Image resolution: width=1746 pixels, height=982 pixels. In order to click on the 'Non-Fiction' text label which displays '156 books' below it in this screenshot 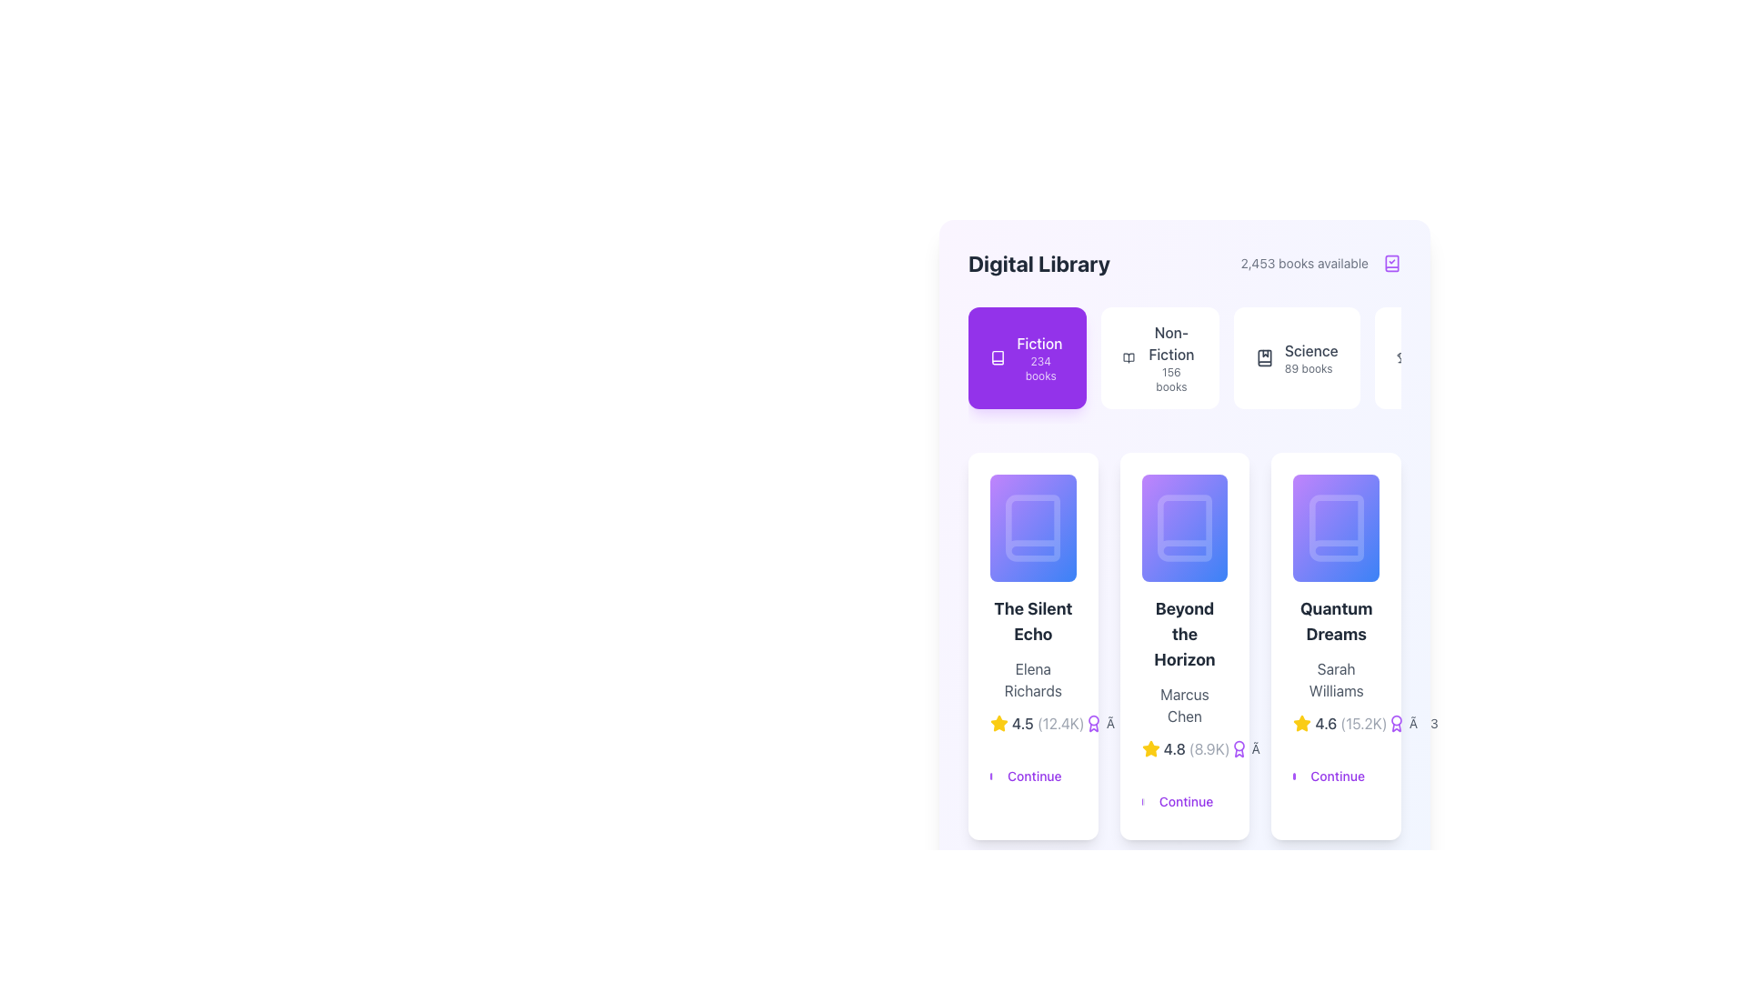, I will do `click(1171, 357)`.